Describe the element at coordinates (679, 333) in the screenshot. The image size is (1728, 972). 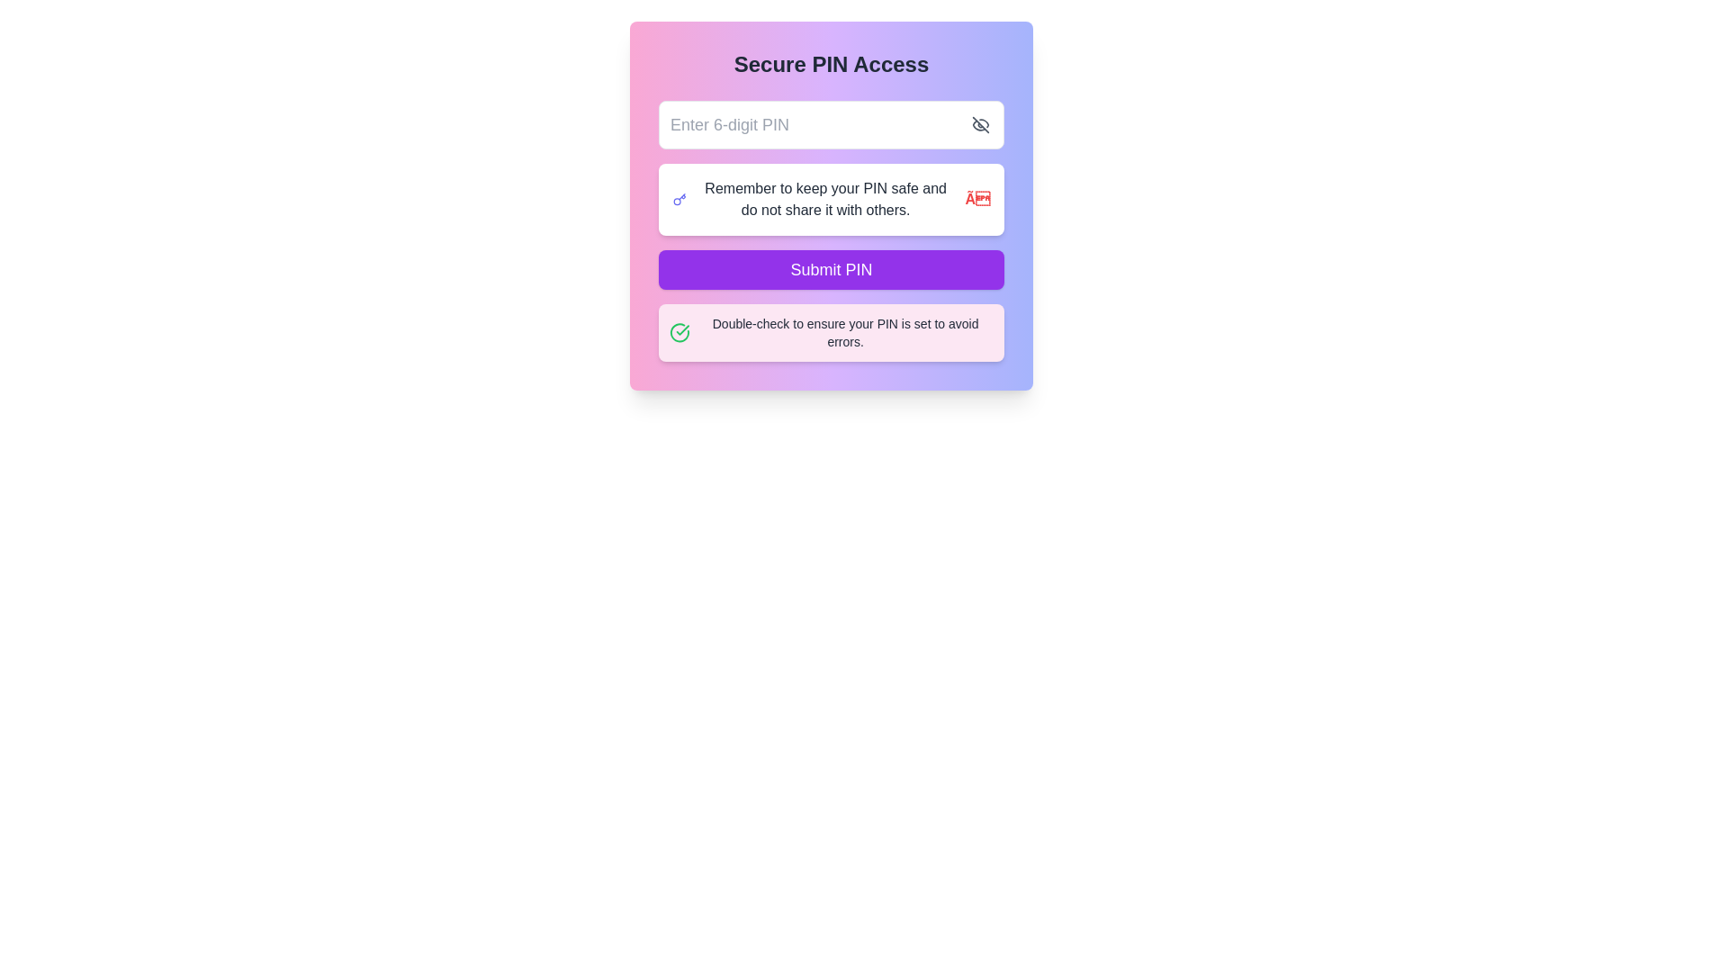
I see `the green checkmark icon with a circular outline located on the left side of the error message box advising to double-check the PIN` at that location.